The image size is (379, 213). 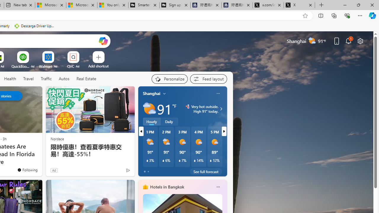 What do you see at coordinates (164, 93) in the screenshot?
I see `'My location'` at bounding box center [164, 93].